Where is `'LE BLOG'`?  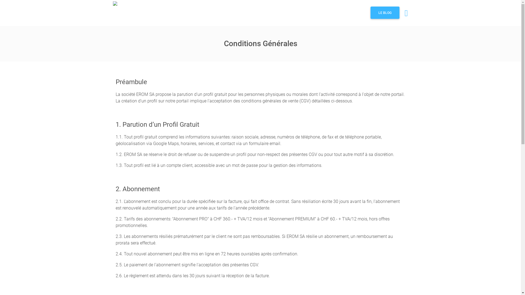 'LE BLOG' is located at coordinates (384, 12).